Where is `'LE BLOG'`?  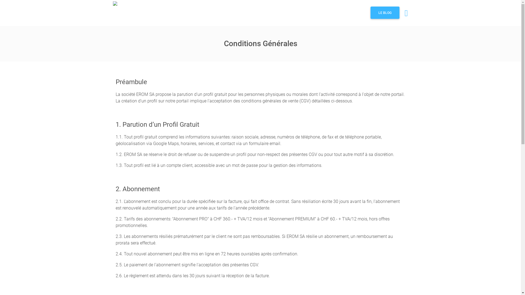 'LE BLOG' is located at coordinates (384, 12).